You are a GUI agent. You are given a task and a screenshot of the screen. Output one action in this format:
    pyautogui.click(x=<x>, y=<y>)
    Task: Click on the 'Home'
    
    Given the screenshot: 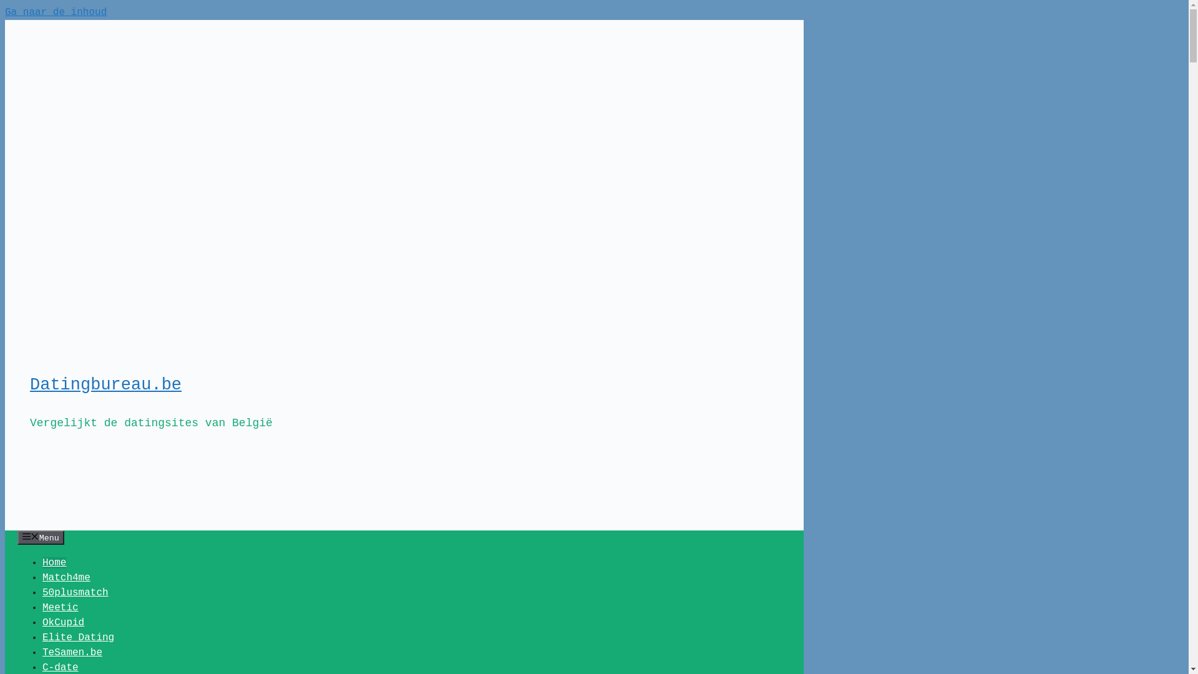 What is the action you would take?
    pyautogui.click(x=53, y=563)
    